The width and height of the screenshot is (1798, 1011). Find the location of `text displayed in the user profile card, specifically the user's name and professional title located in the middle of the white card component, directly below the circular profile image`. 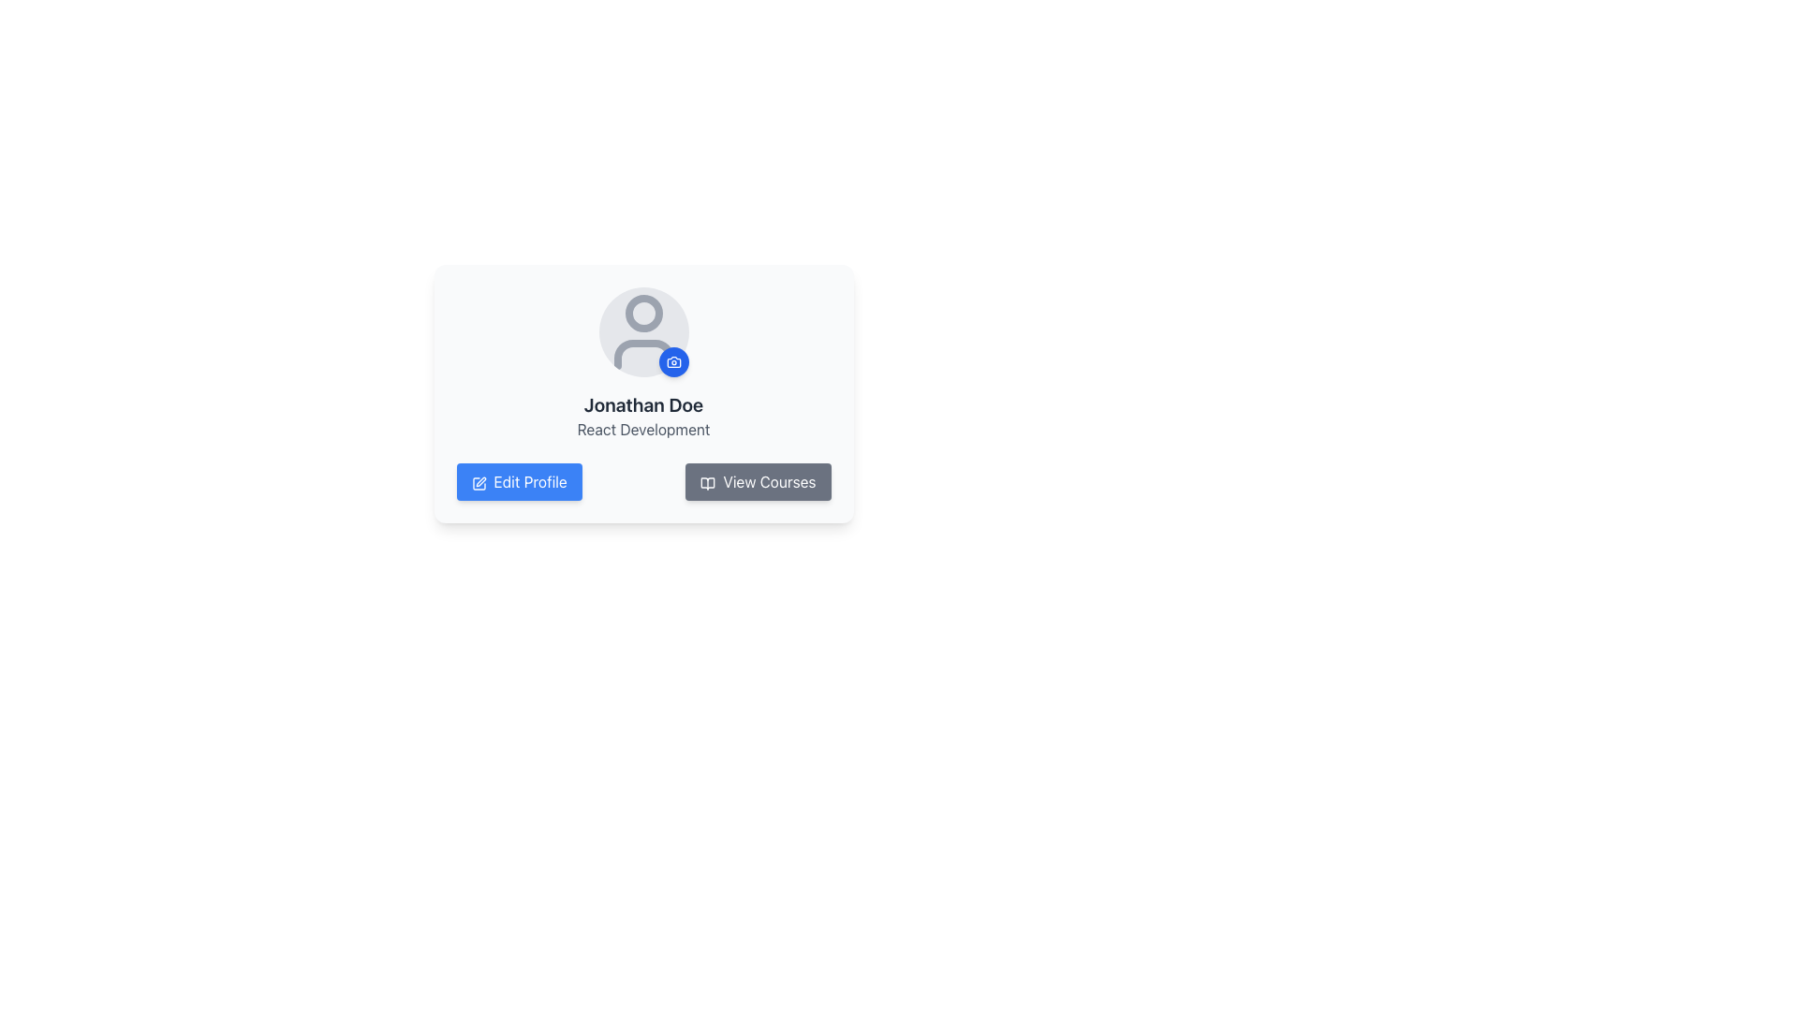

text displayed in the user profile card, specifically the user's name and professional title located in the middle of the white card component, directly below the circular profile image is located at coordinates (643, 415).